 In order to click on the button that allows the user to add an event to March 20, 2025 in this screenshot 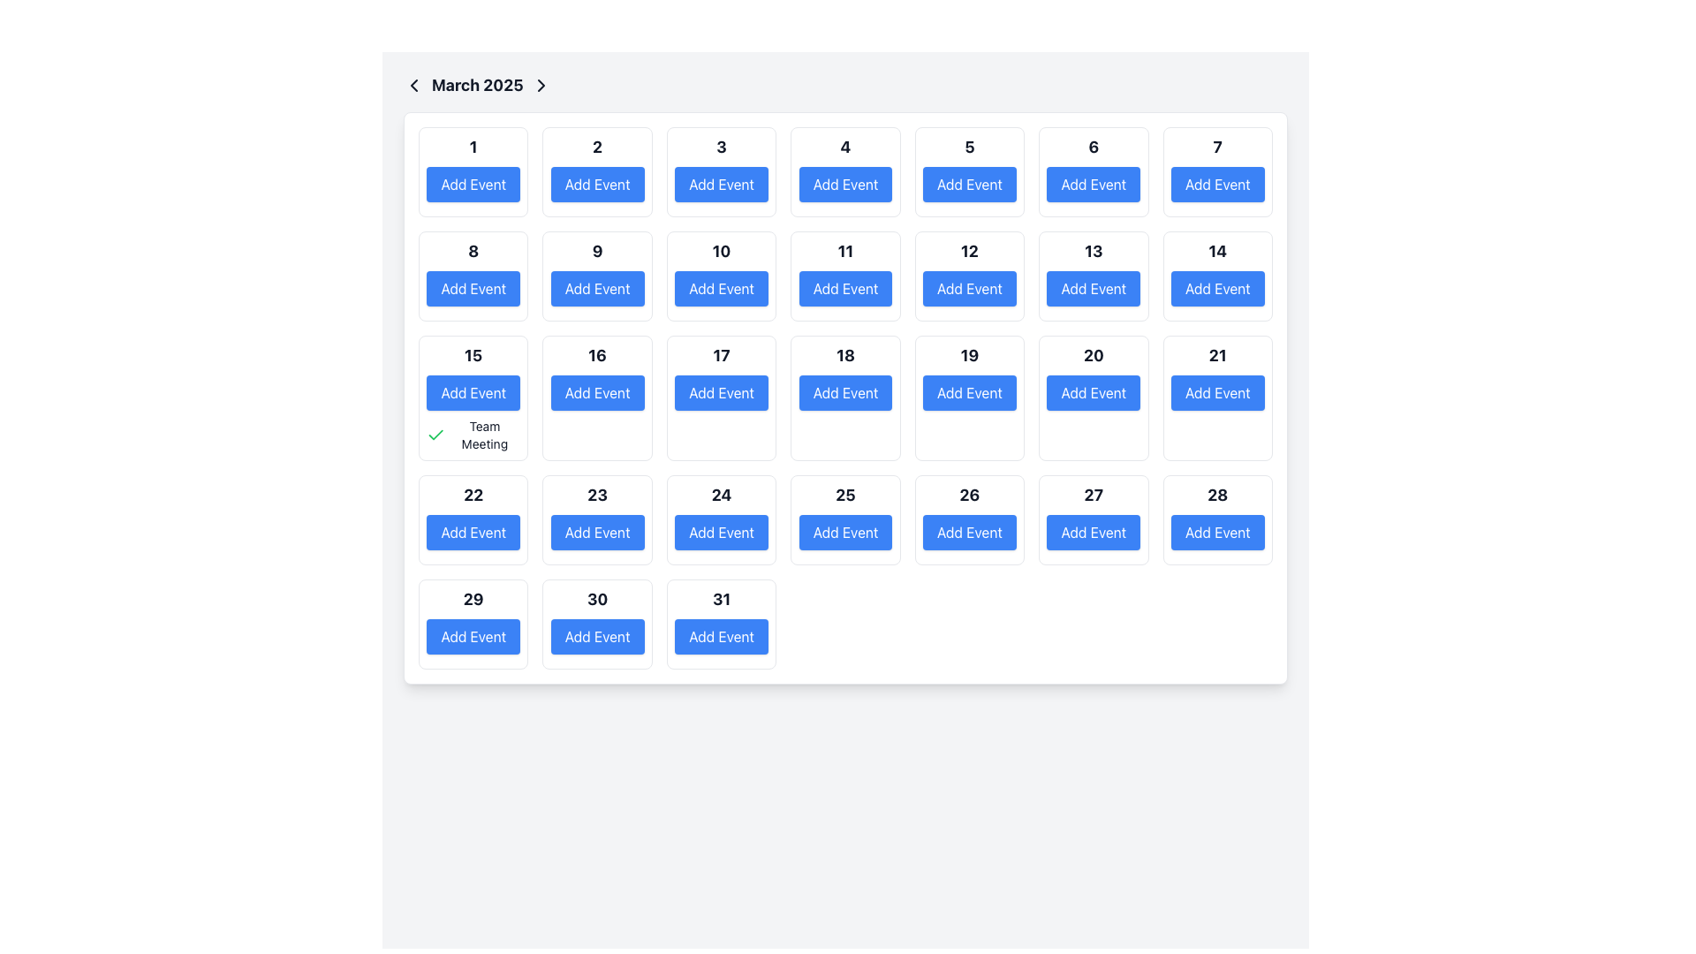, I will do `click(1093, 391)`.